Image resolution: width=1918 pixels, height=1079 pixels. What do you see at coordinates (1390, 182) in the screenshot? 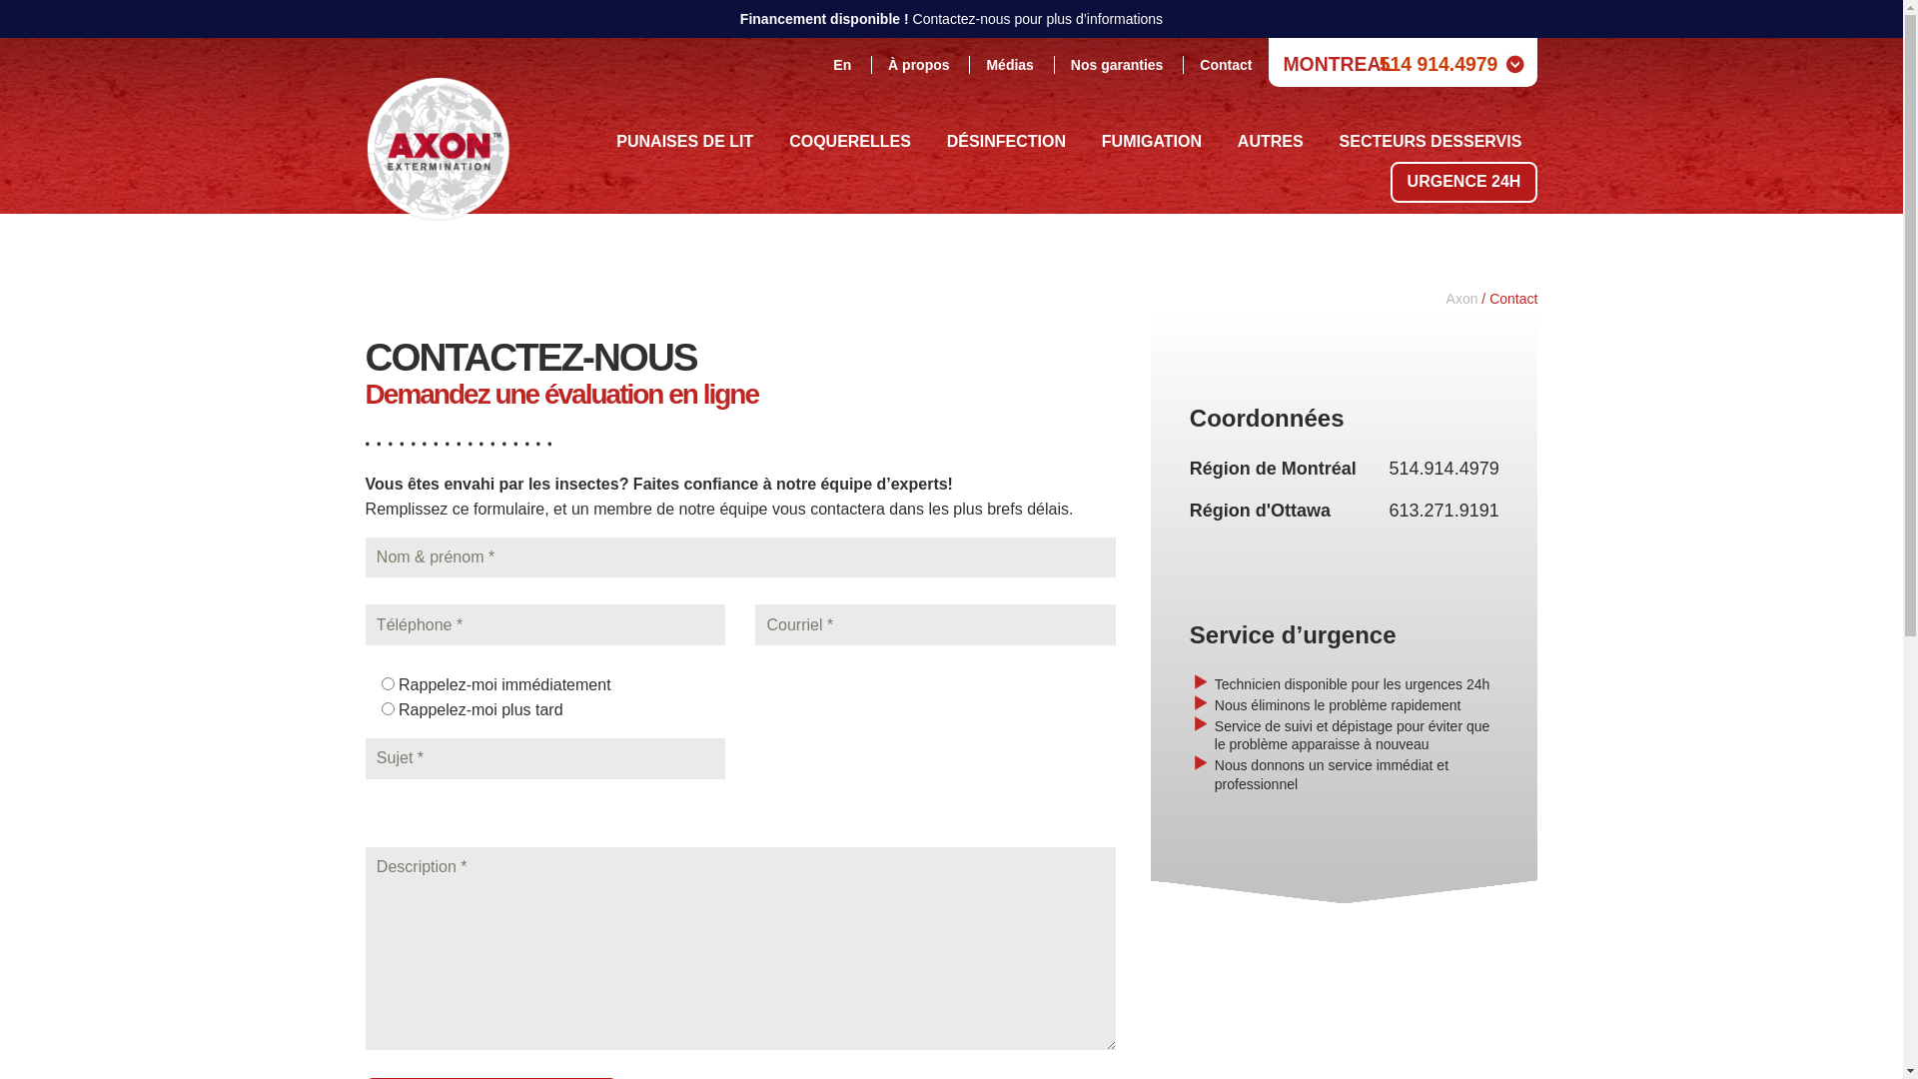
I see `'URGENCE 24H'` at bounding box center [1390, 182].